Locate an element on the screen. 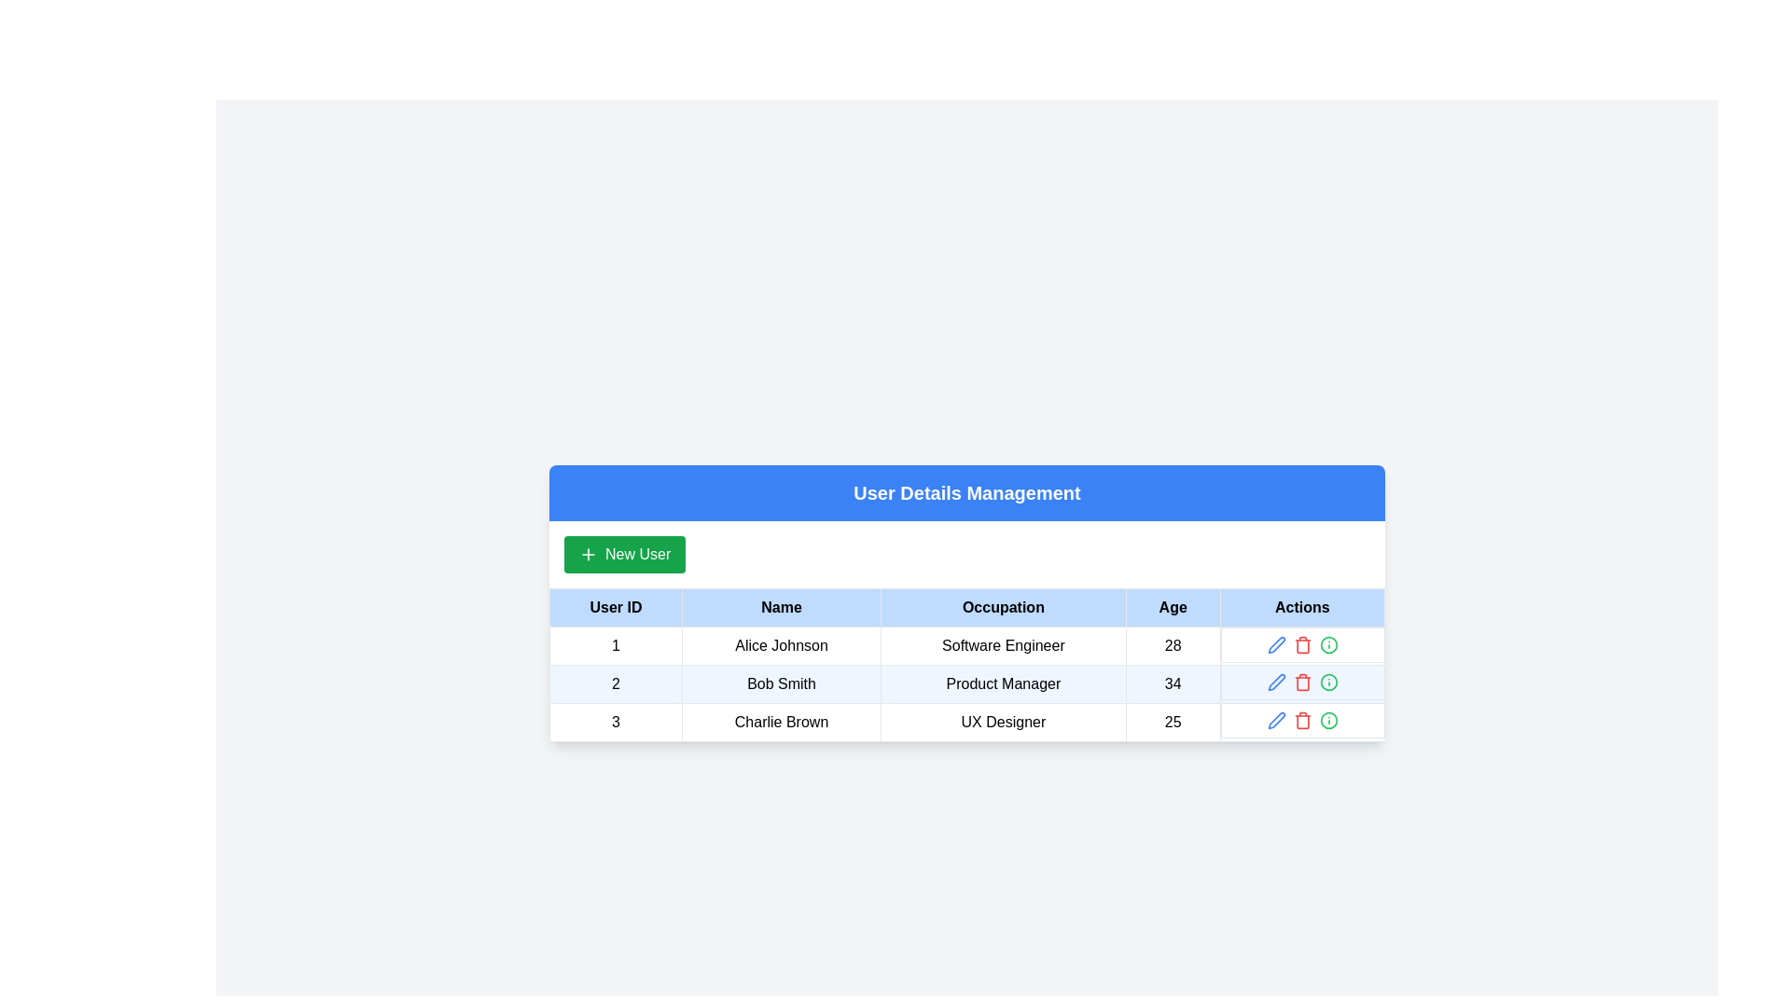 The height and width of the screenshot is (1007, 1791). the title or header text element located in the blue header section at the top of the user interface panel, which indicates the purpose of managing user details is located at coordinates (966, 491).